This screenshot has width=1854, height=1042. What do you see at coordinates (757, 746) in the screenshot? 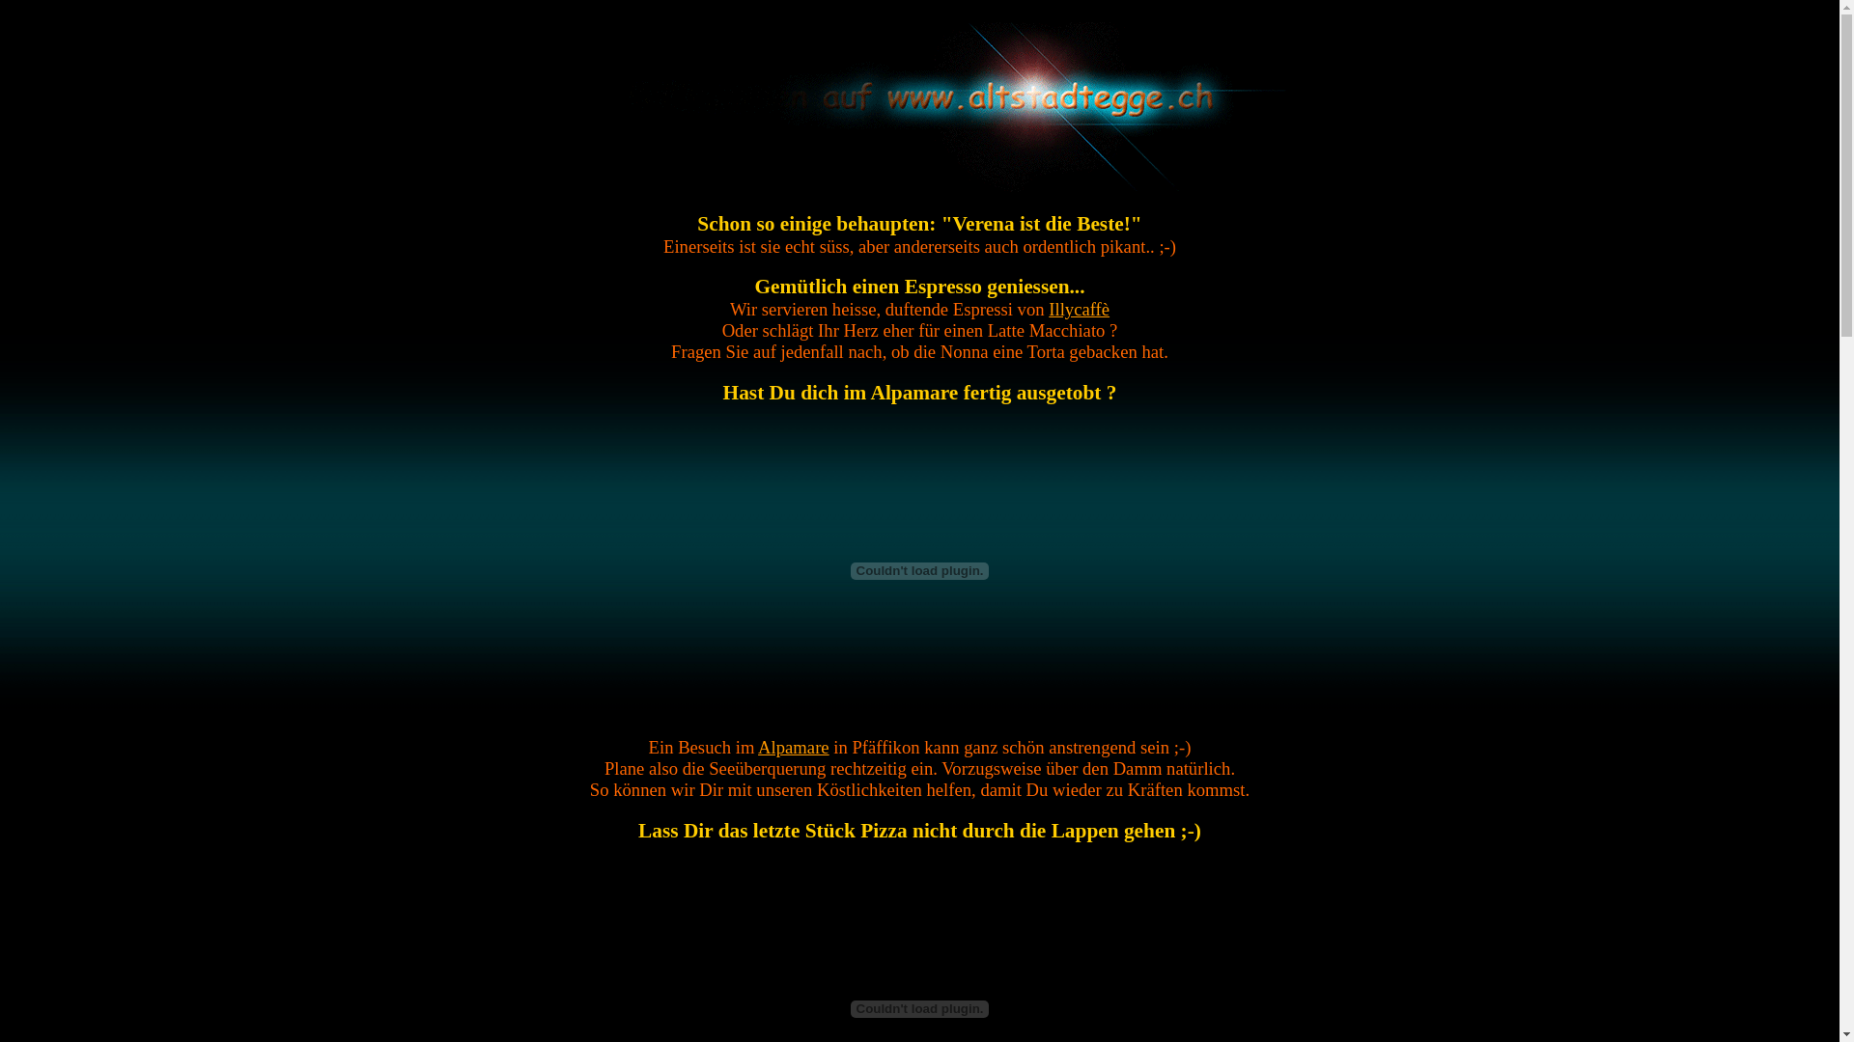
I see `'Alpamare'` at bounding box center [757, 746].